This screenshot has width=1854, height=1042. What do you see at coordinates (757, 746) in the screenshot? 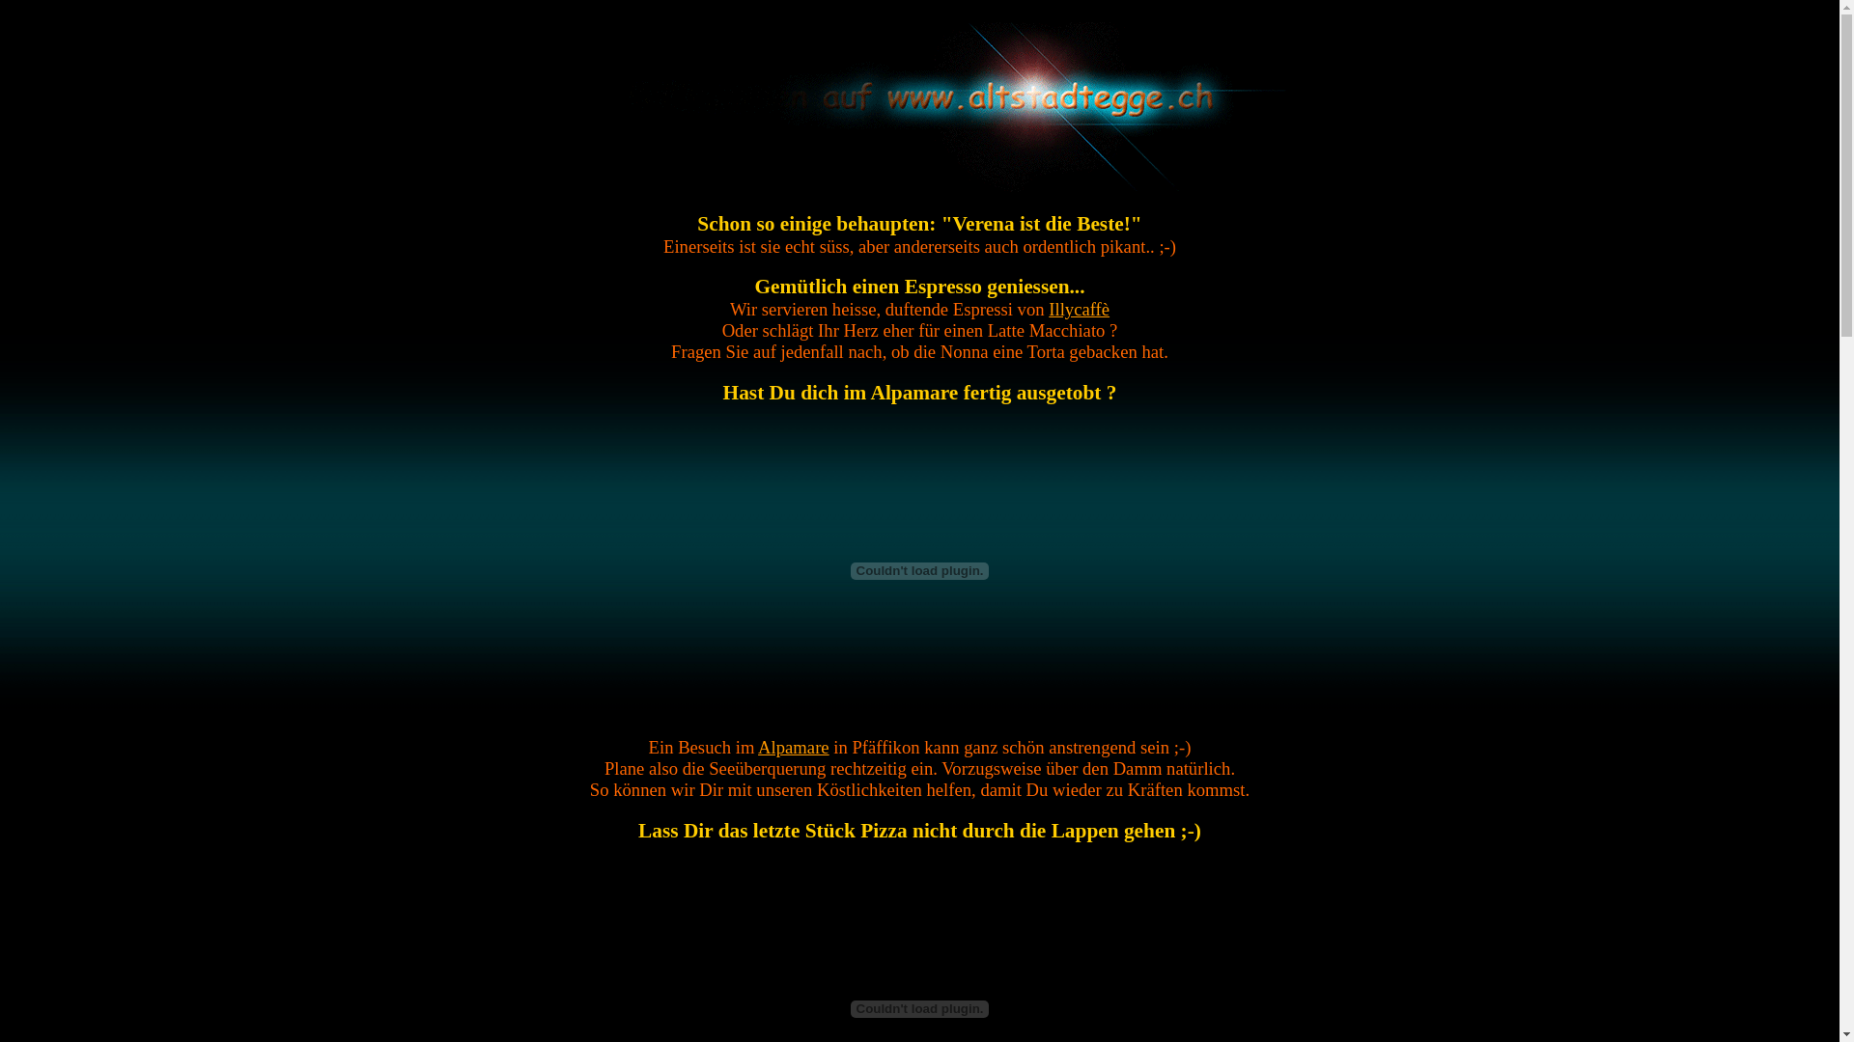
I see `'Alpamare'` at bounding box center [757, 746].